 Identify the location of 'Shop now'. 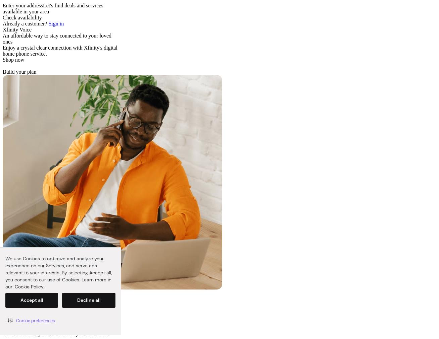
(13, 60).